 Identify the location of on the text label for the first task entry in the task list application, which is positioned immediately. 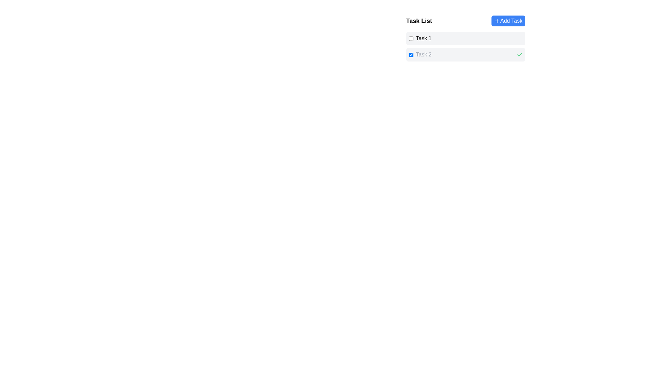
(420, 39).